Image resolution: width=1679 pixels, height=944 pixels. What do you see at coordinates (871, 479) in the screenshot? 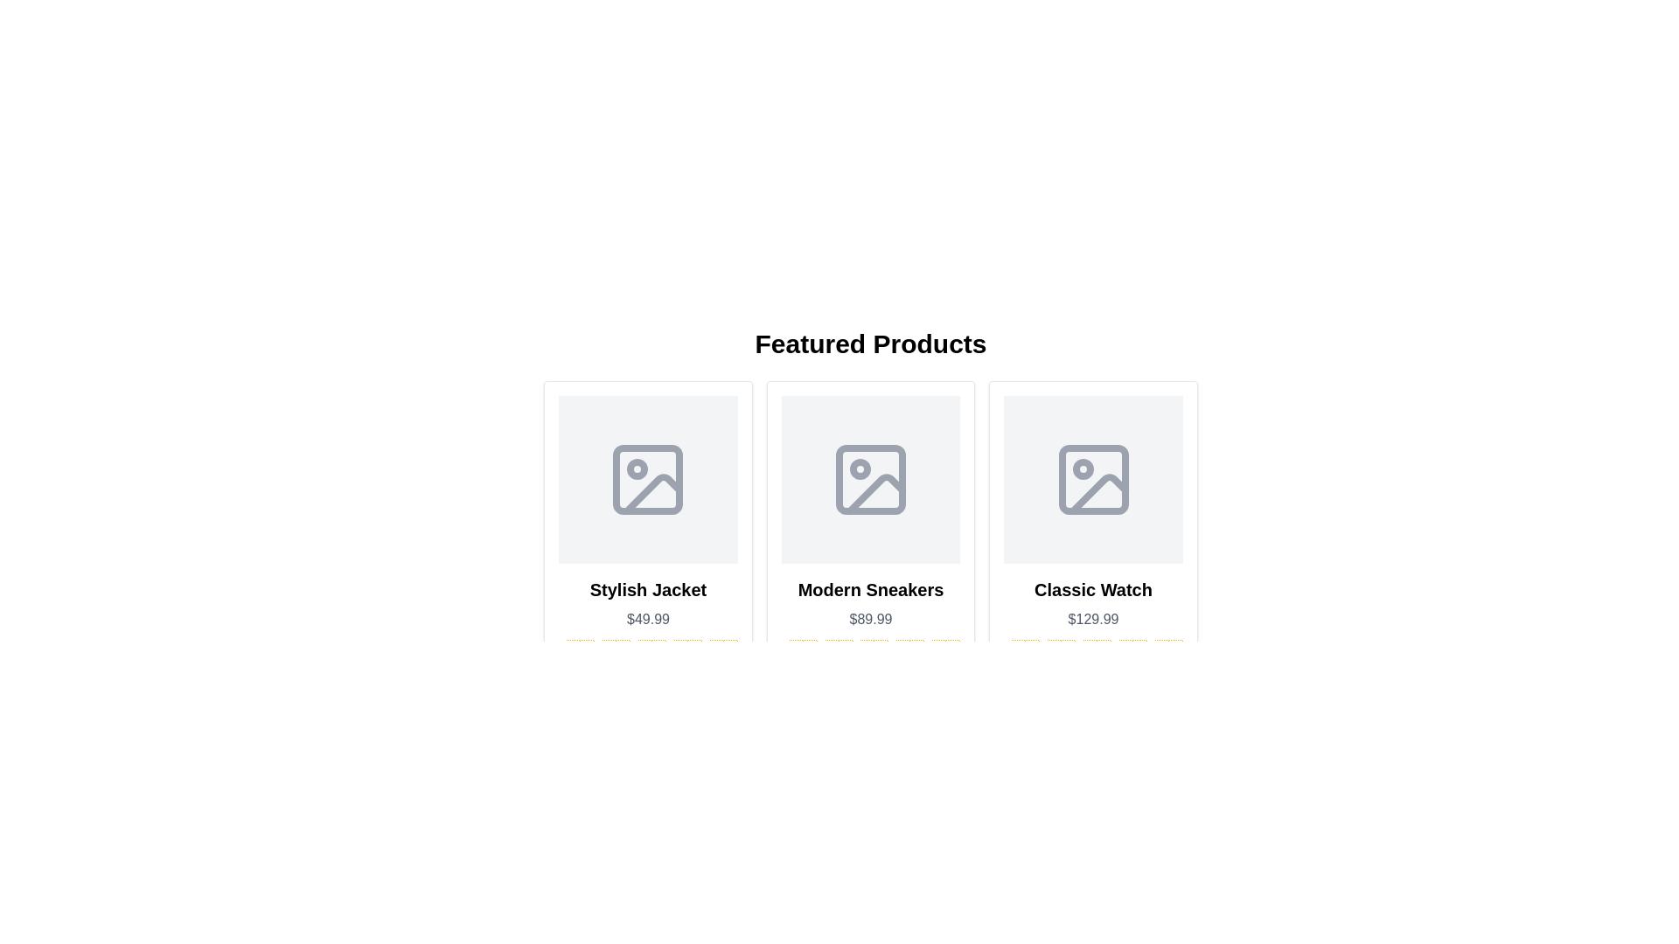
I see `the Decorative SVG rectangle with rounded corners located at the top-center of the 'Modern Sneakers' product card` at bounding box center [871, 479].